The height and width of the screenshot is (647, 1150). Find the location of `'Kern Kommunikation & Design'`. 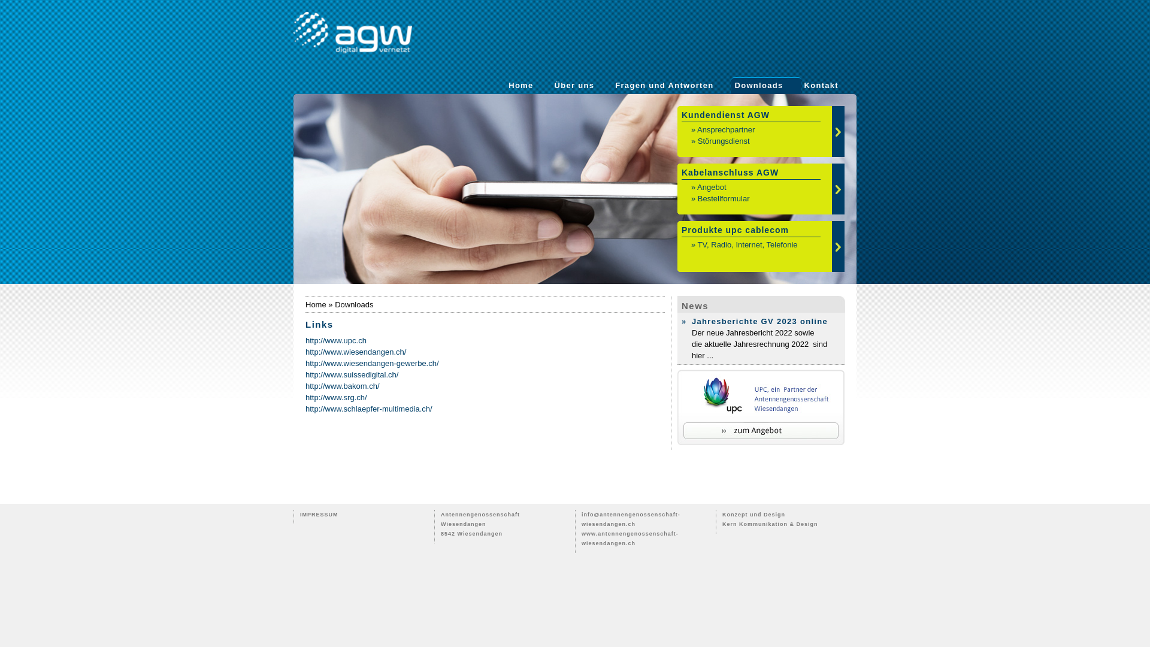

'Kern Kommunikation & Design' is located at coordinates (770, 524).